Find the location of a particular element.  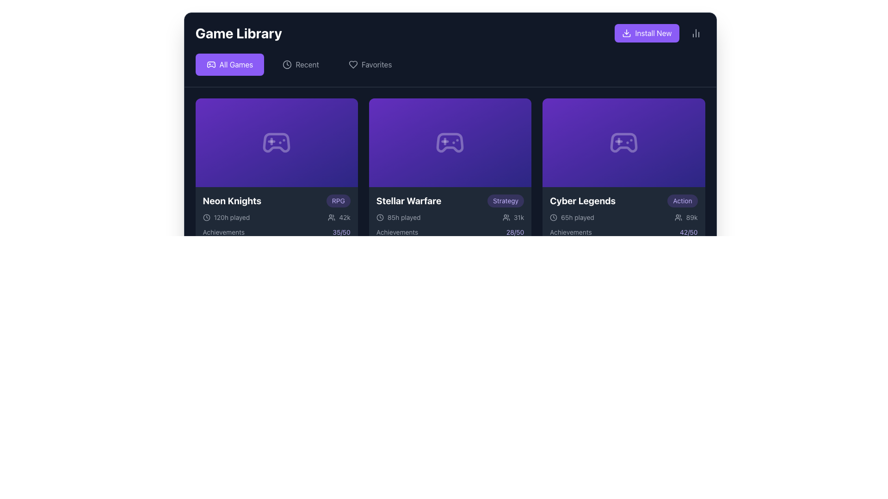

the game controller icon located at the center of the 'Cyber Legends' card in the 'Game Library' interface is located at coordinates (623, 142).